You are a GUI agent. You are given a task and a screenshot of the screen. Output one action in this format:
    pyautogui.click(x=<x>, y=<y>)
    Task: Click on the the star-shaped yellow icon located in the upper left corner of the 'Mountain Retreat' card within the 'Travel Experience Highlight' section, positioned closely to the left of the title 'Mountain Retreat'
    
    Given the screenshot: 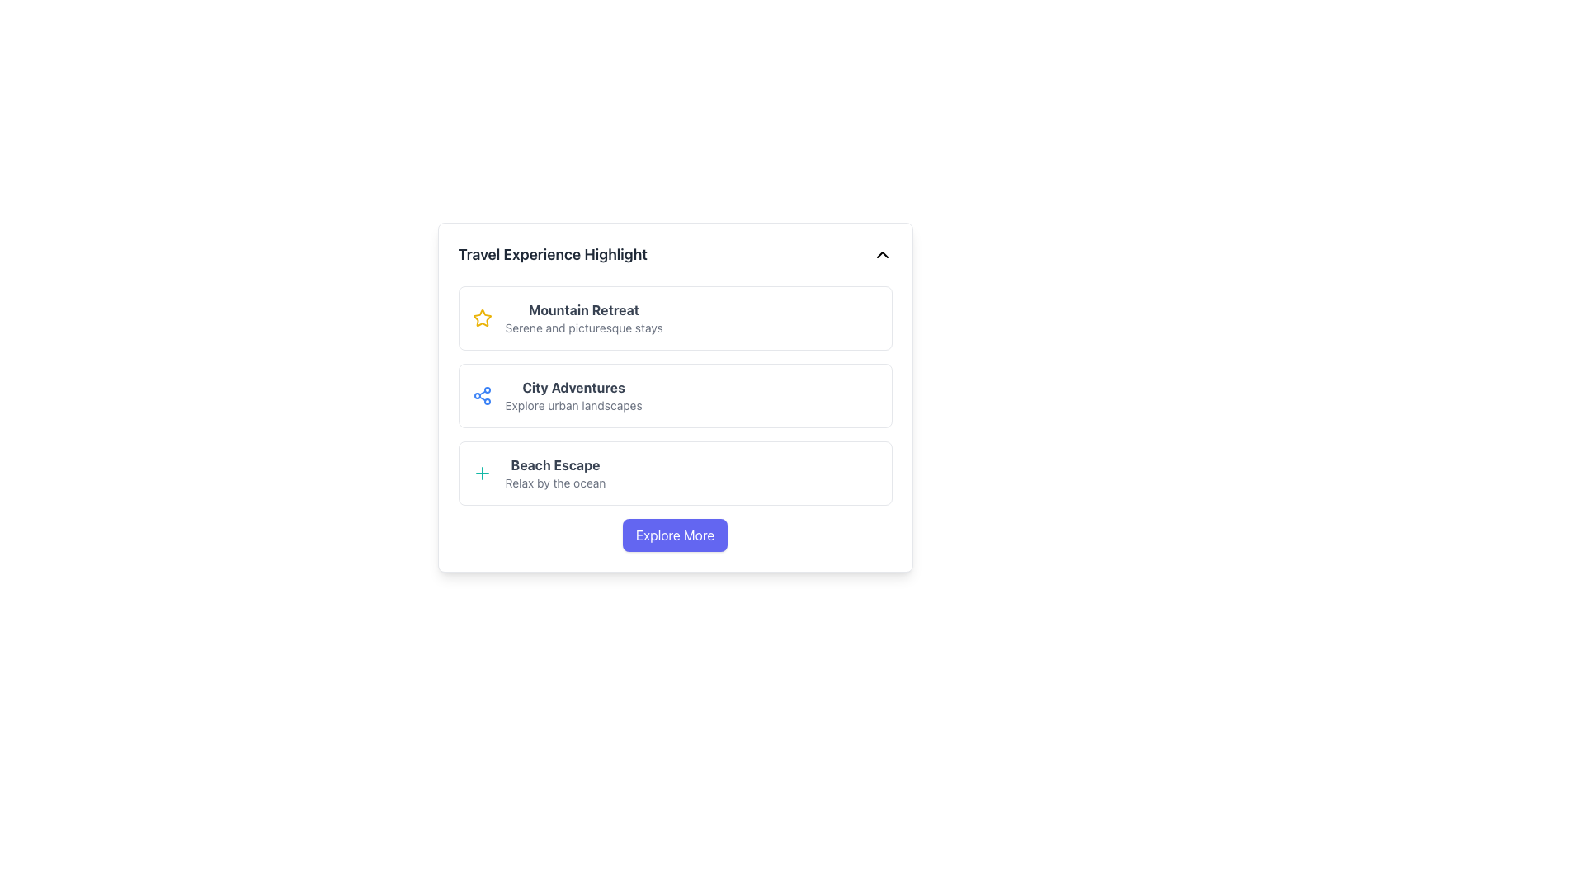 What is the action you would take?
    pyautogui.click(x=481, y=318)
    